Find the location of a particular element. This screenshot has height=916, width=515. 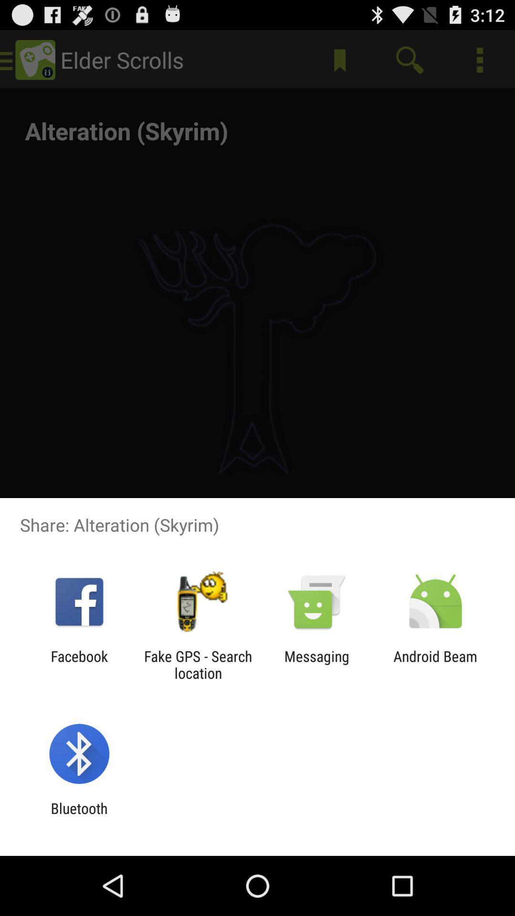

the facebook is located at coordinates (79, 664).